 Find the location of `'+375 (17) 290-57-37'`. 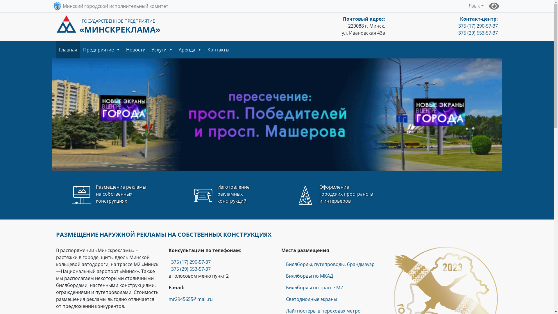

'+375 (17) 290-57-37' is located at coordinates (455, 25).